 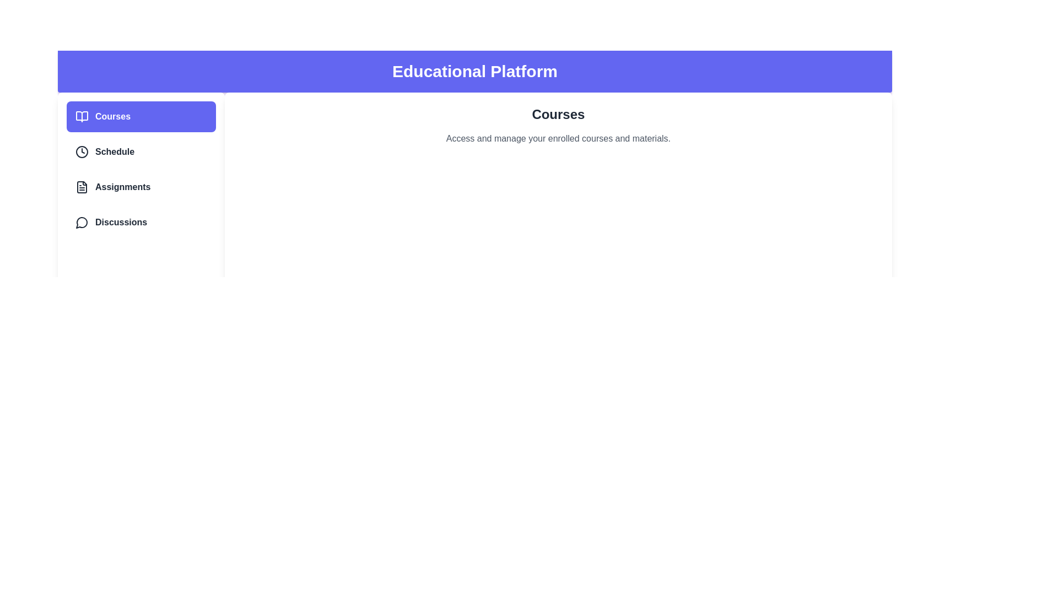 I want to click on the tab labeled Schedule in the sidebar, so click(x=140, y=152).